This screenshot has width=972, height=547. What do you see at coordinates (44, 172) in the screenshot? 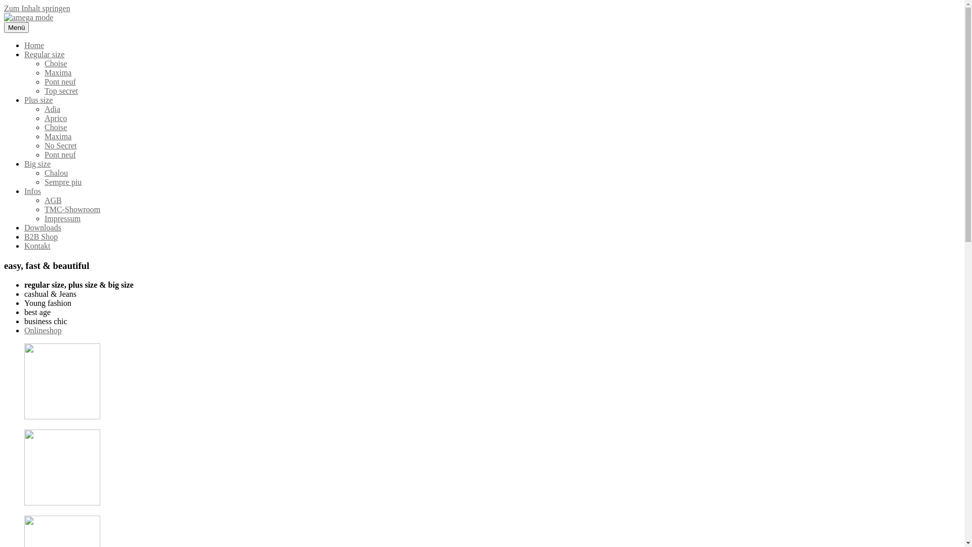
I see `'Chalou'` at bounding box center [44, 172].